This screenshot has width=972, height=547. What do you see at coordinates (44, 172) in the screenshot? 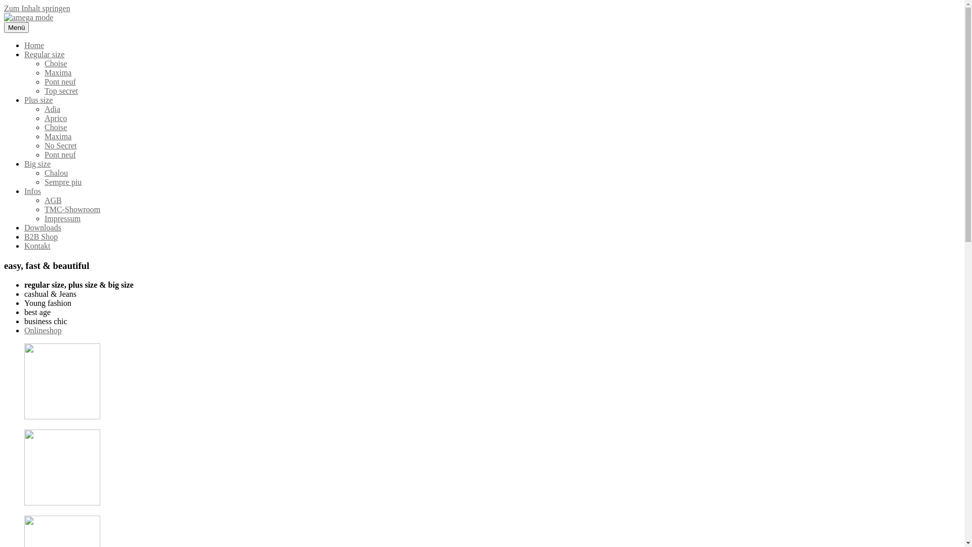
I see `'Chalou'` at bounding box center [44, 172].